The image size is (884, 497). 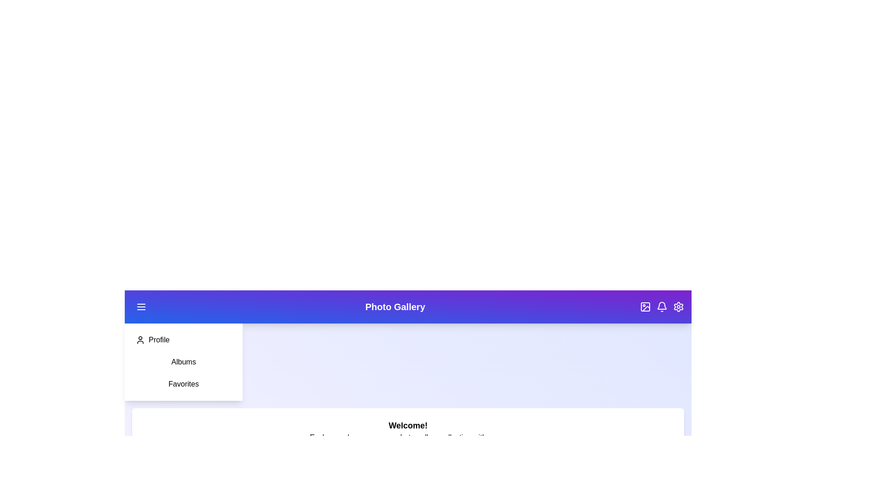 What do you see at coordinates (183, 384) in the screenshot?
I see `the 'Favorites' option in the sidebar` at bounding box center [183, 384].